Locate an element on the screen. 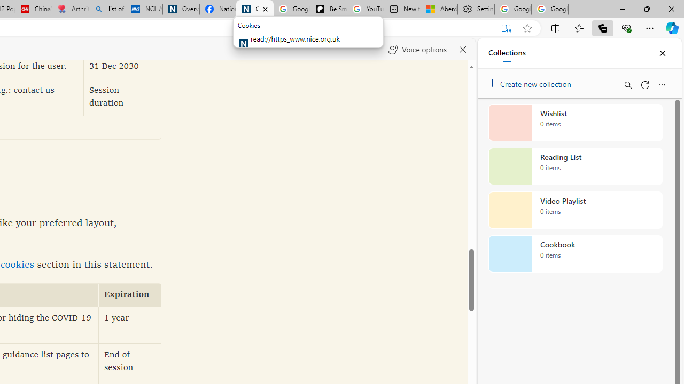  'Cookbook collection, 0 items' is located at coordinates (575, 253).